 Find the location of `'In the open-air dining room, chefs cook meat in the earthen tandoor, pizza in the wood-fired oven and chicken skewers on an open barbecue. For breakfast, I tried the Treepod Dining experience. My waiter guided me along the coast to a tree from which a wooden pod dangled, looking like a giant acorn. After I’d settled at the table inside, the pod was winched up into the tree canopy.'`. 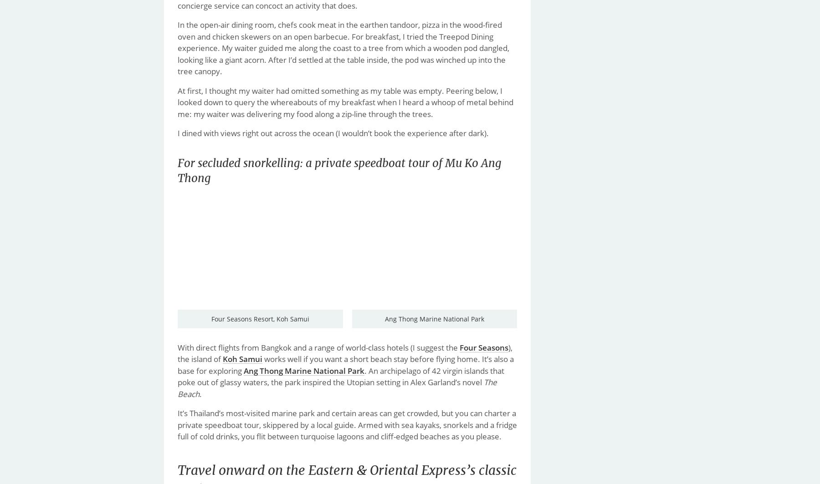

'In the open-air dining room, chefs cook meat in the earthen tandoor, pizza in the wood-fired oven and chicken skewers on an open barbecue. For breakfast, I tried the Treepod Dining experience. My waiter guided me along the coast to a tree from which a wooden pod dangled, looking like a giant acorn. After I’d settled at the table inside, the pod was winched up into the tree canopy.' is located at coordinates (343, 48).